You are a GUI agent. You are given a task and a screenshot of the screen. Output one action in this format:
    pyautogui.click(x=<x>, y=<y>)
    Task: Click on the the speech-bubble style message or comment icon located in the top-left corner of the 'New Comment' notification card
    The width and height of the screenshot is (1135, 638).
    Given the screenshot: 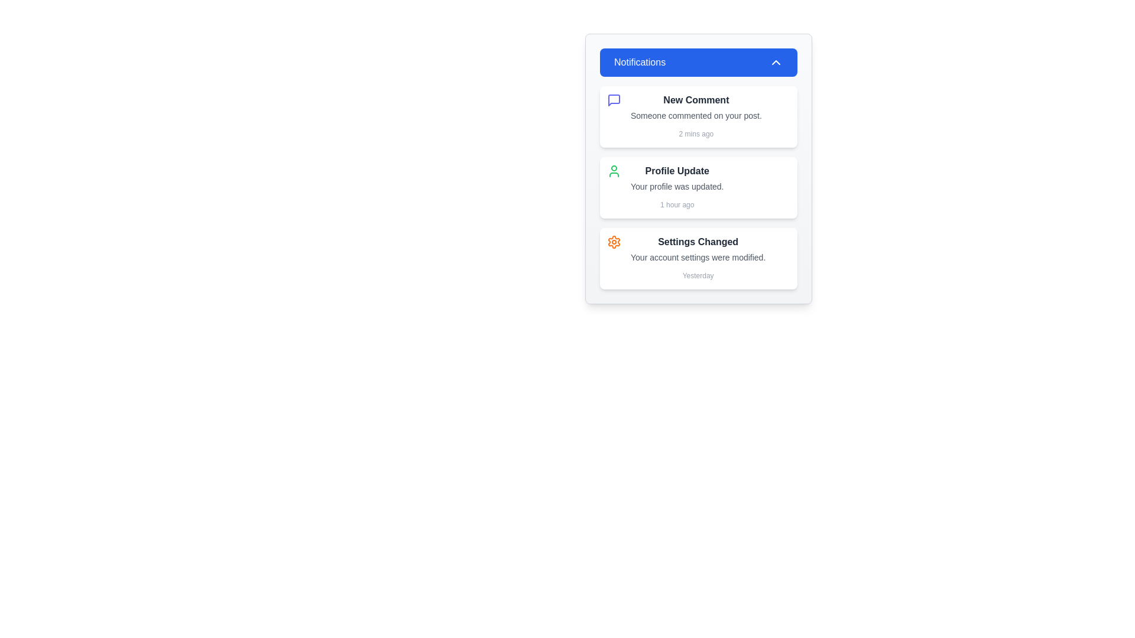 What is the action you would take?
    pyautogui.click(x=614, y=99)
    